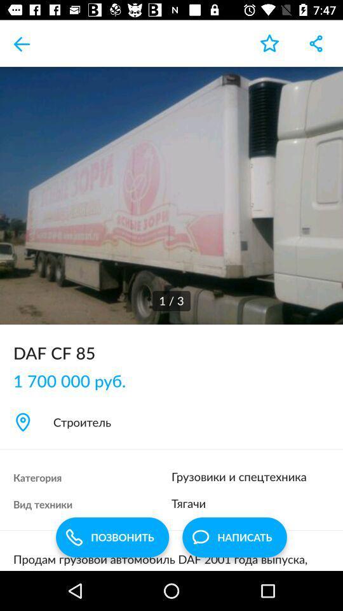  I want to click on the icon on the top left side corner, so click(23, 43).